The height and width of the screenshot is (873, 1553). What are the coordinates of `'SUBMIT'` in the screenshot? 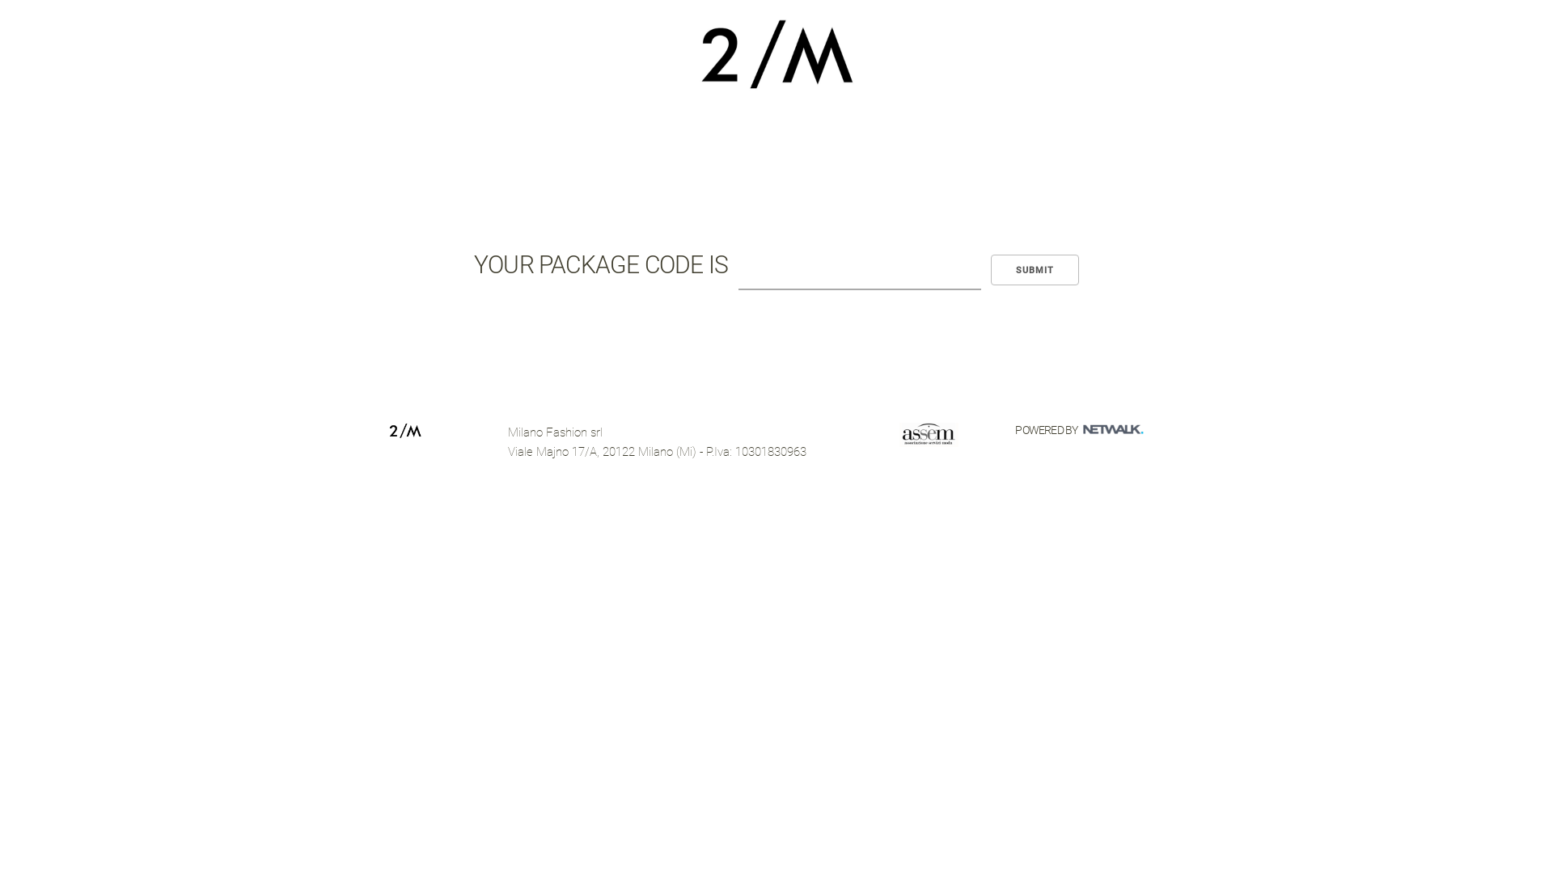 It's located at (1034, 269).